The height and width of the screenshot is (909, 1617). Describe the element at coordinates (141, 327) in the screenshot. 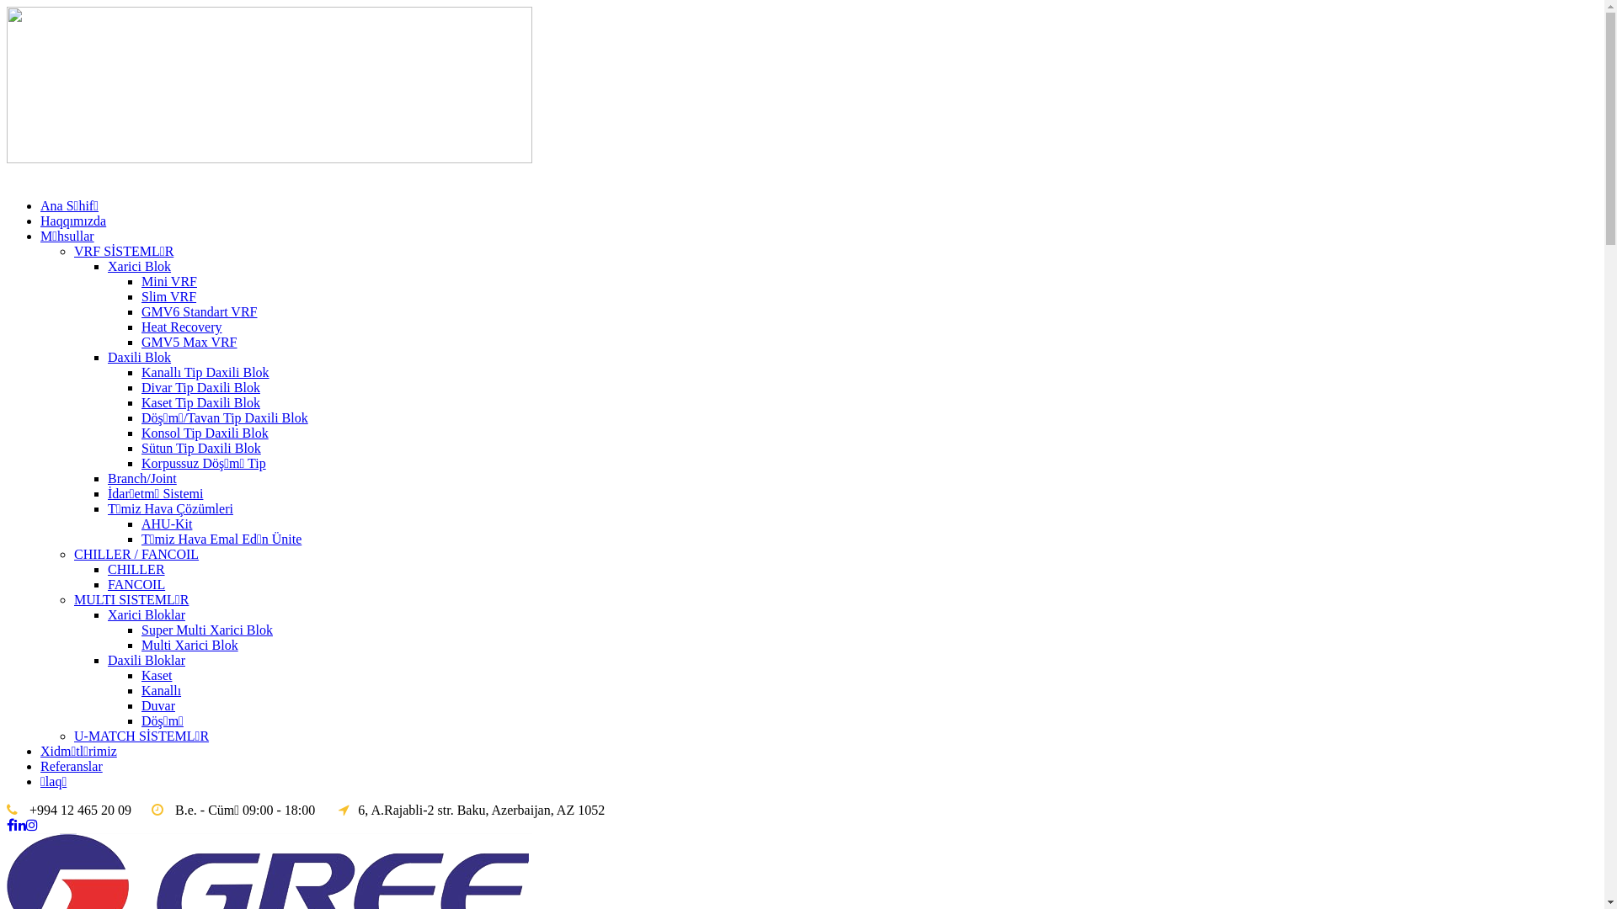

I see `'Heat Recovery'` at that location.